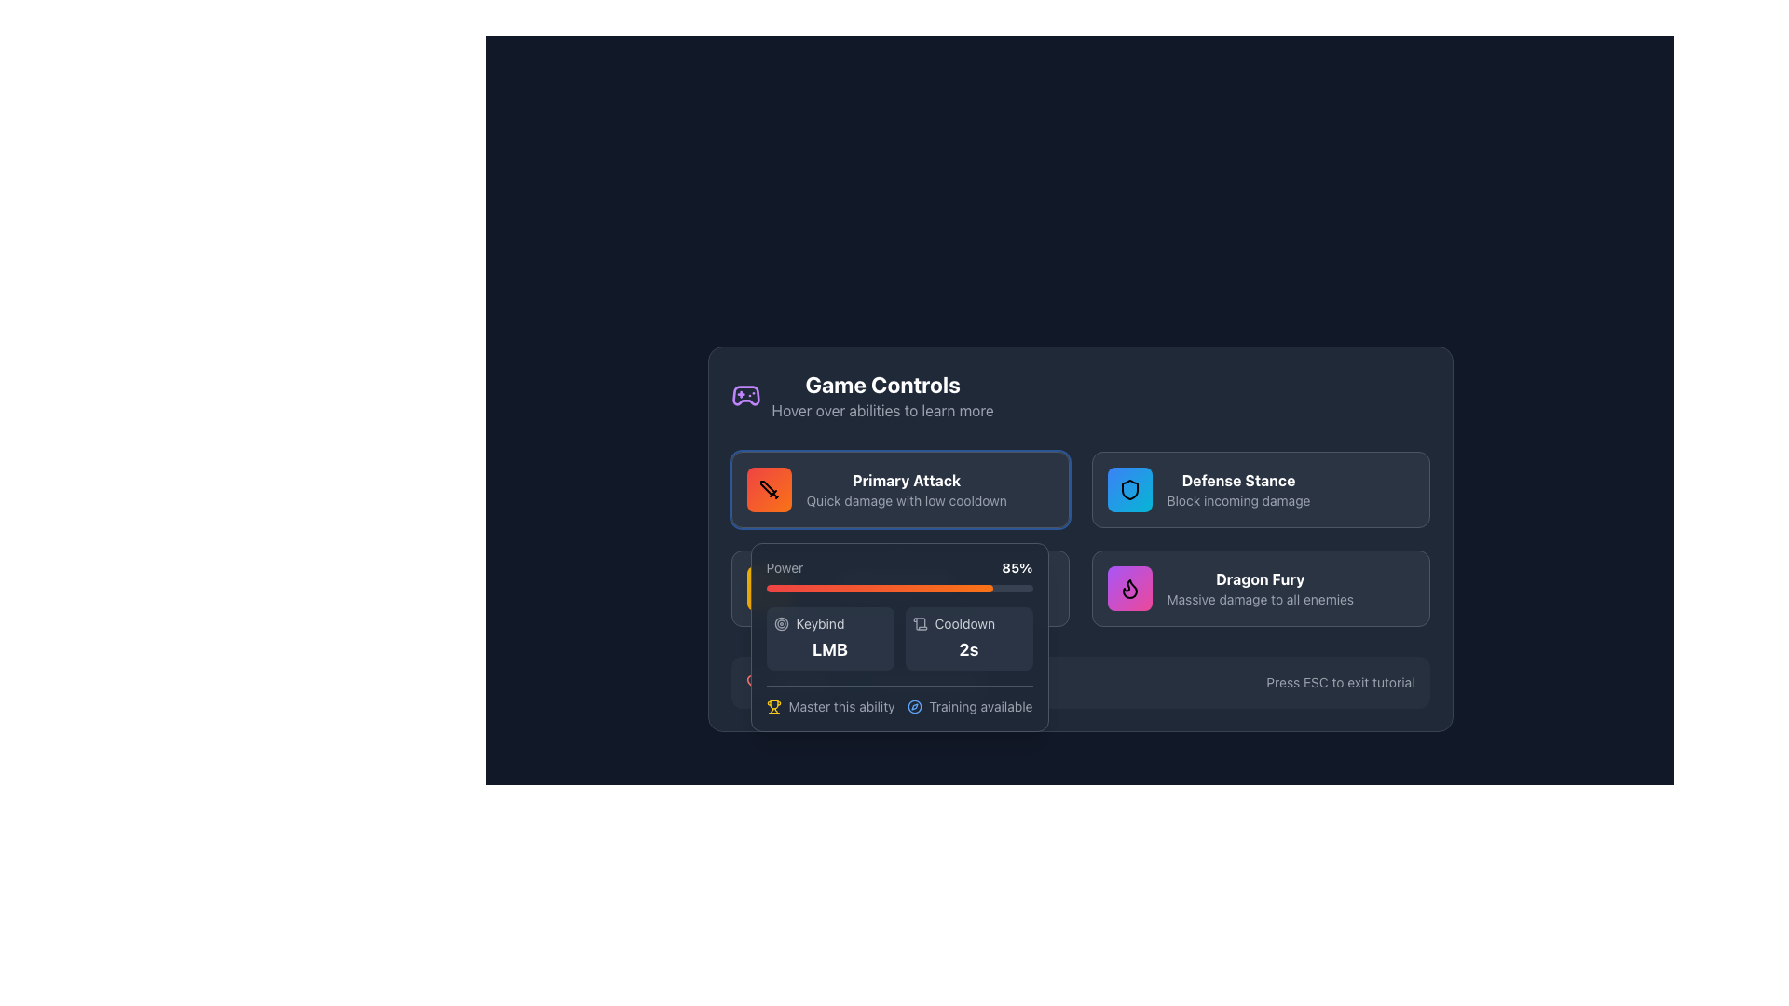  I want to click on the trophy icon positioned to the left of the text 'Master this ability', which serves as an indicator for achievement status in the bottom-left area of the main interface, so click(773, 707).